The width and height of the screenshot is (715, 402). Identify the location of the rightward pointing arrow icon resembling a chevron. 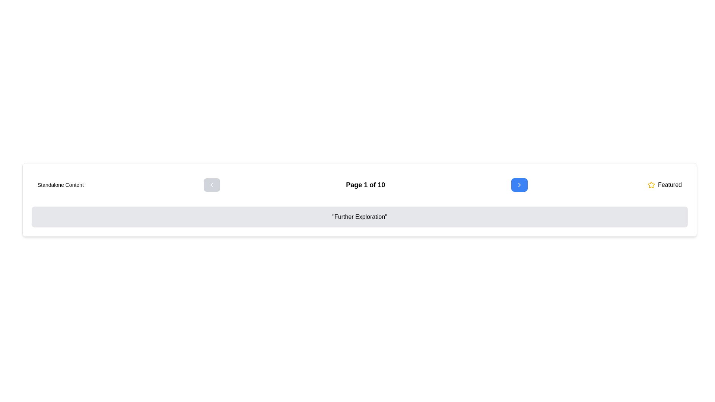
(519, 185).